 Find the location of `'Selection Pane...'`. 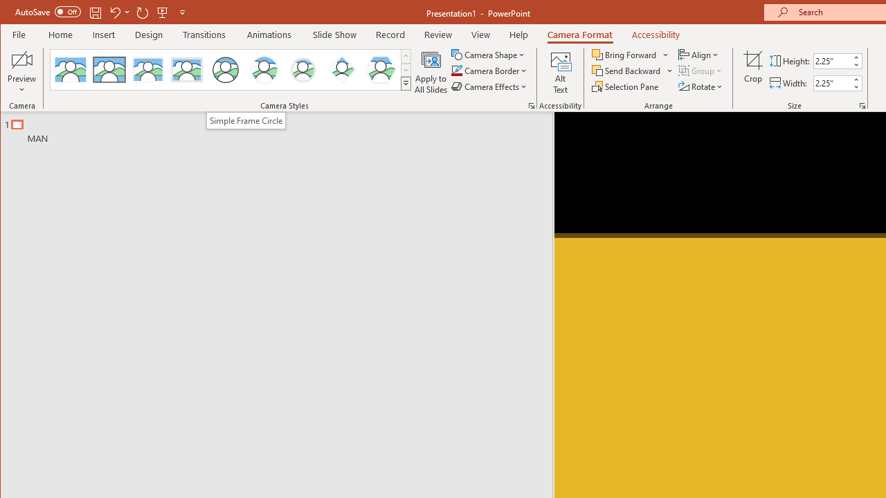

'Selection Pane...' is located at coordinates (625, 86).